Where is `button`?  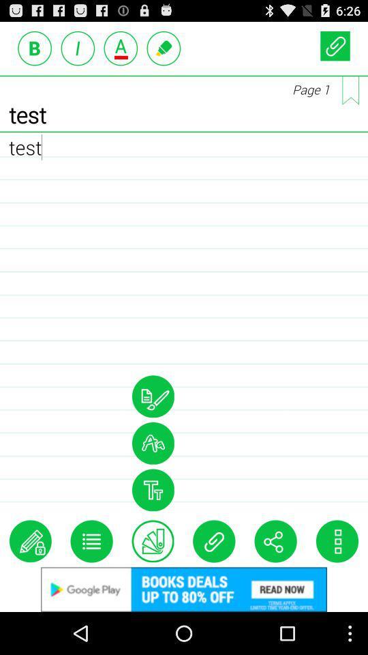
button is located at coordinates (334, 46).